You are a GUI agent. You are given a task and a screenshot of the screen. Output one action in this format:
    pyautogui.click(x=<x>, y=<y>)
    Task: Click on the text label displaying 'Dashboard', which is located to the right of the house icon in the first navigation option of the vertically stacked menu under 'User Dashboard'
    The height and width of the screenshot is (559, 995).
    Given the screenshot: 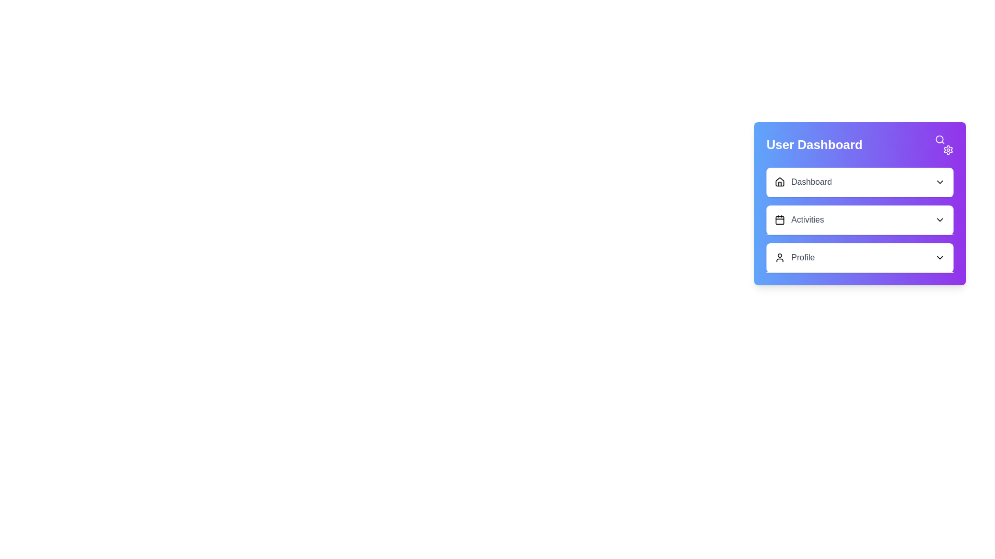 What is the action you would take?
    pyautogui.click(x=811, y=181)
    